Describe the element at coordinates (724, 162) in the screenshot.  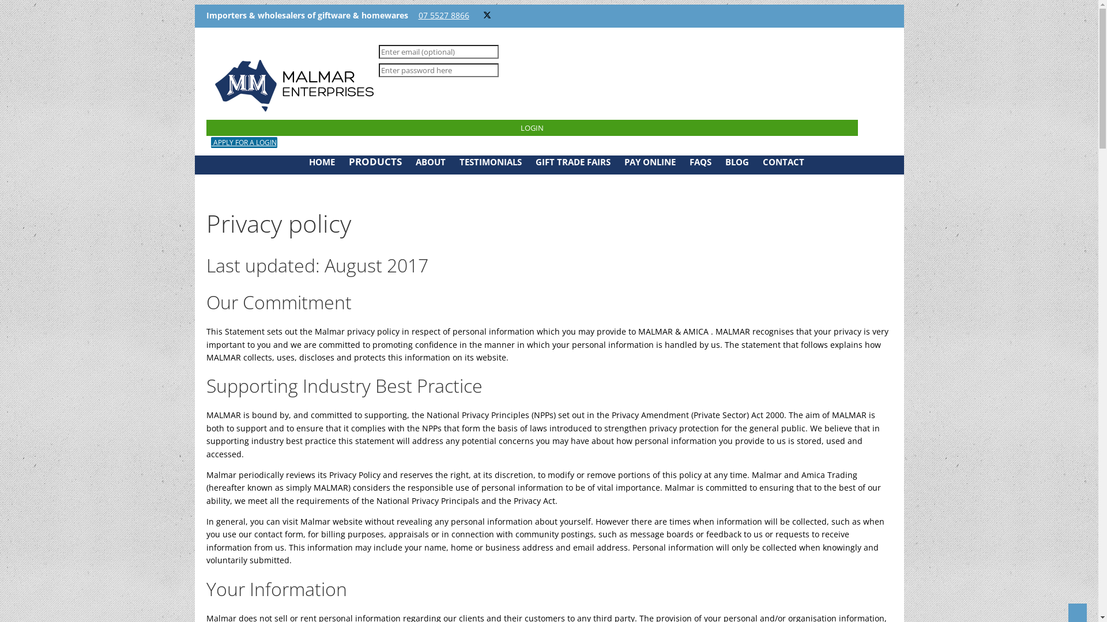
I see `'BLOG'` at that location.